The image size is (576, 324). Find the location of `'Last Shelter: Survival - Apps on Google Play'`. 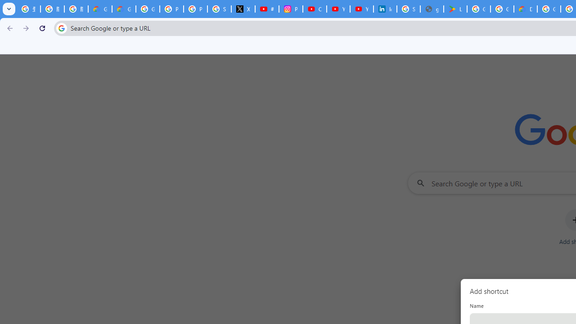

'Last Shelter: Survival - Apps on Google Play' is located at coordinates (455, 9).